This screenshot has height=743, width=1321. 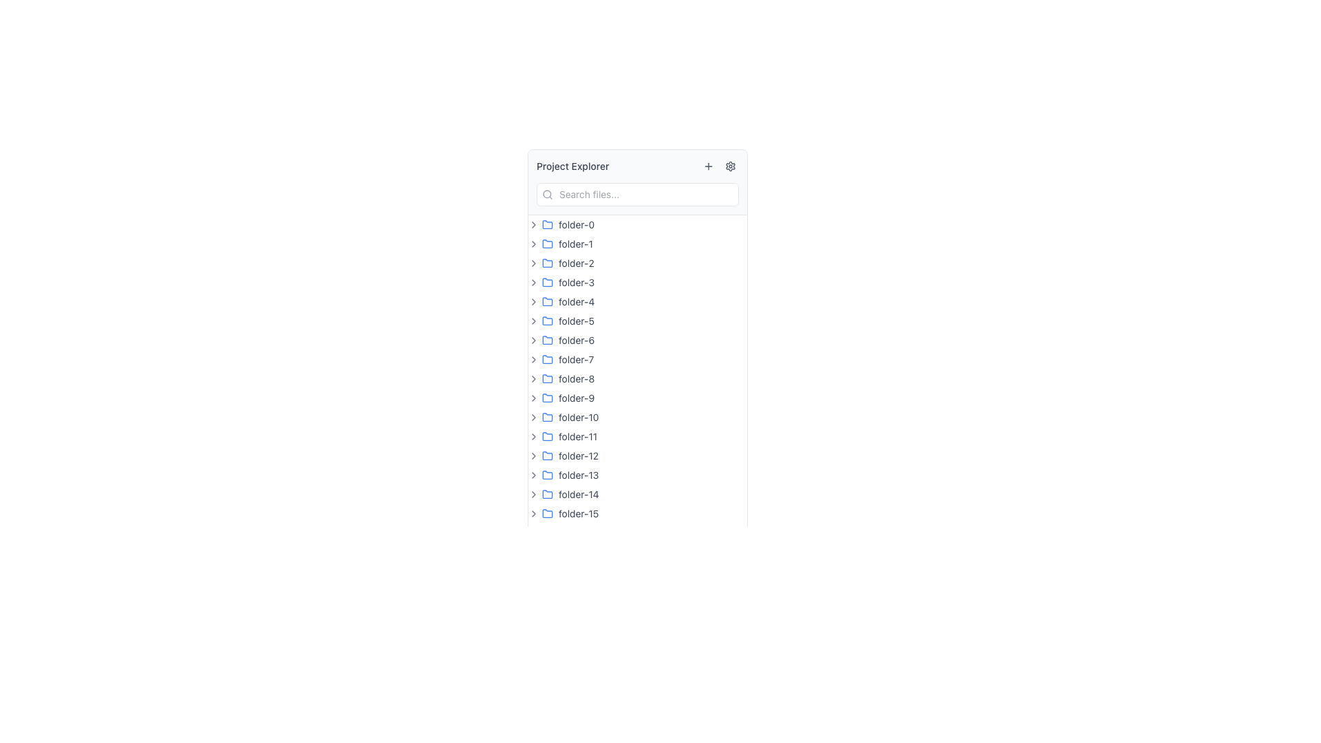 I want to click on the blue folder icon located to the left of the text label 'folder-15' in the vertical file explorer layout, so click(x=547, y=513).